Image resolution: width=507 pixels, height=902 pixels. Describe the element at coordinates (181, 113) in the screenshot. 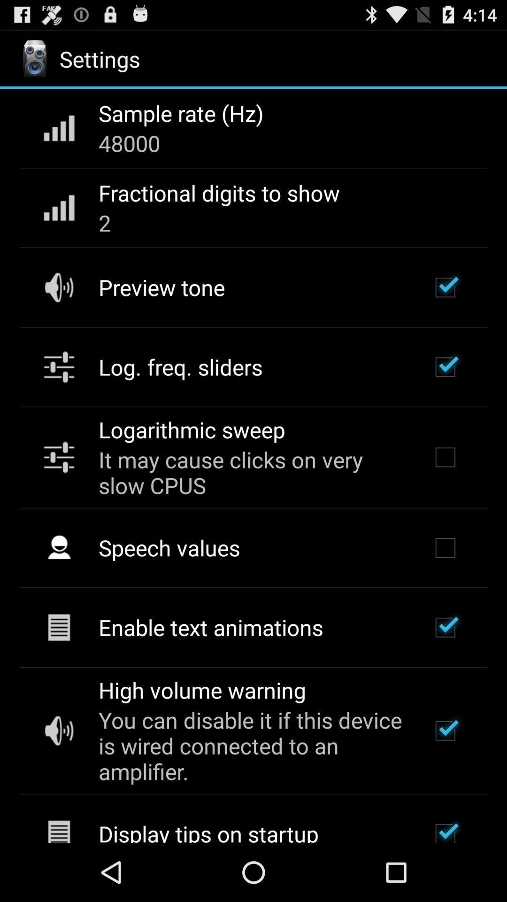

I see `the app below settings item` at that location.